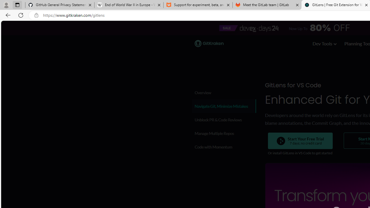  Describe the element at coordinates (223, 133) in the screenshot. I see `'Manage Multiple Repos'` at that location.